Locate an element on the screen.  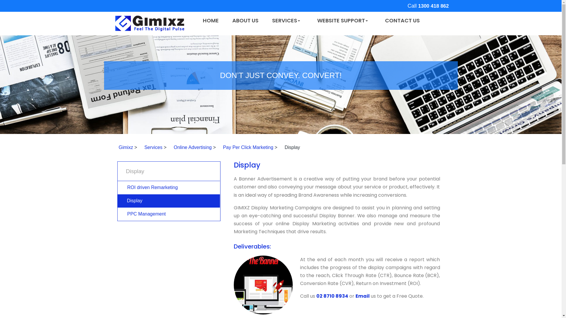
'1300 418 862' is located at coordinates (433, 6).